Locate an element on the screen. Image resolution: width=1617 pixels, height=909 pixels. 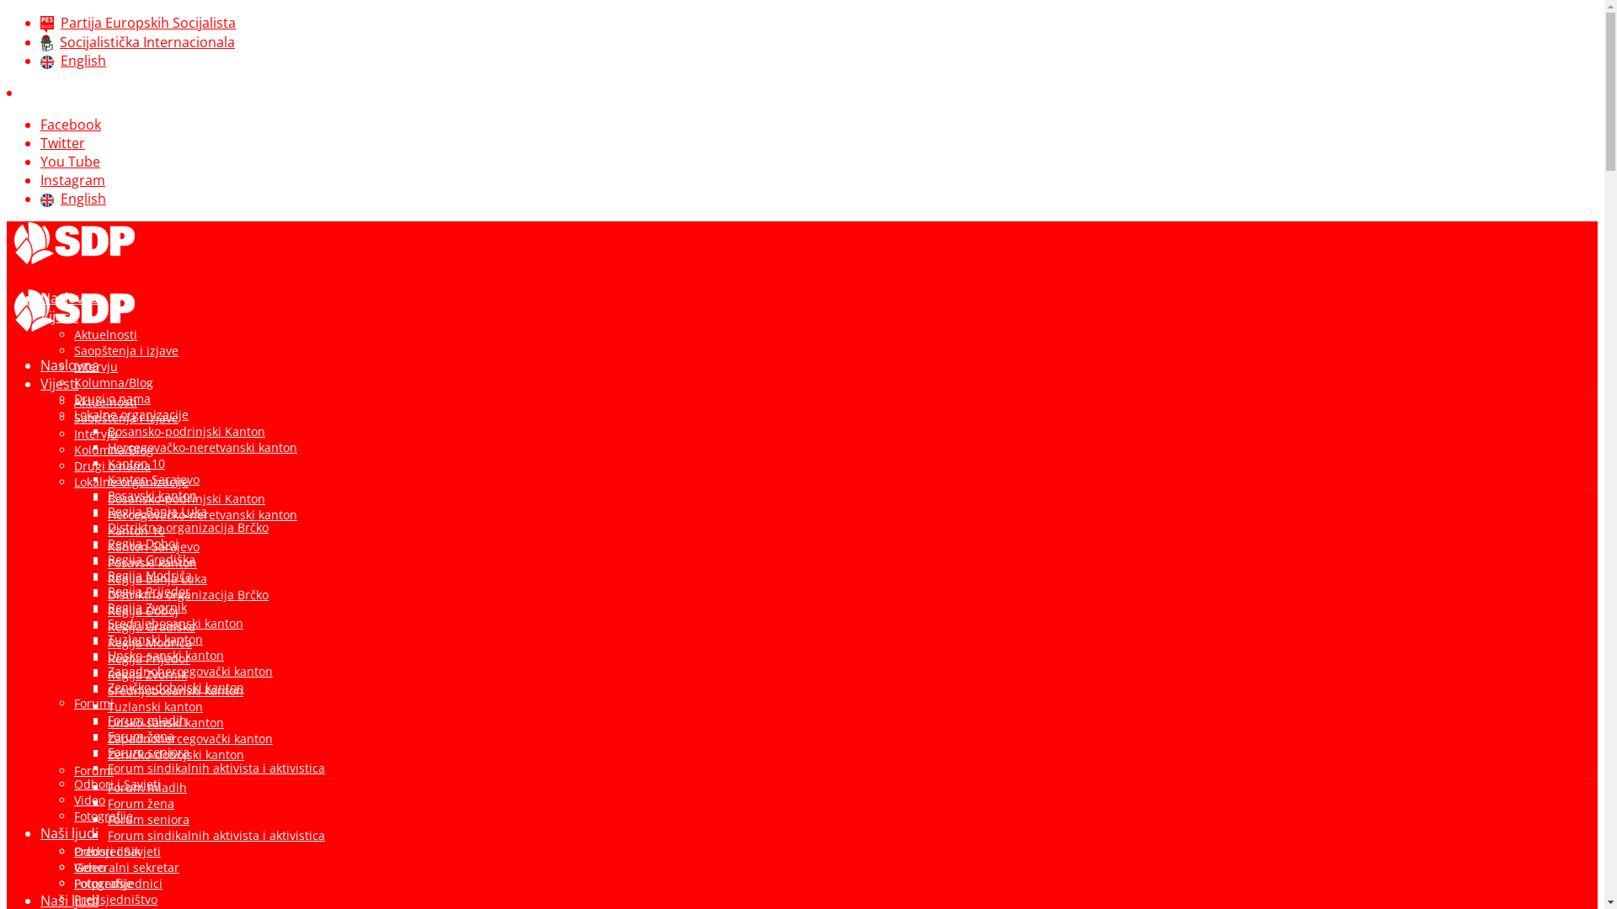
'Lokalne organizacije' is located at coordinates (131, 414).